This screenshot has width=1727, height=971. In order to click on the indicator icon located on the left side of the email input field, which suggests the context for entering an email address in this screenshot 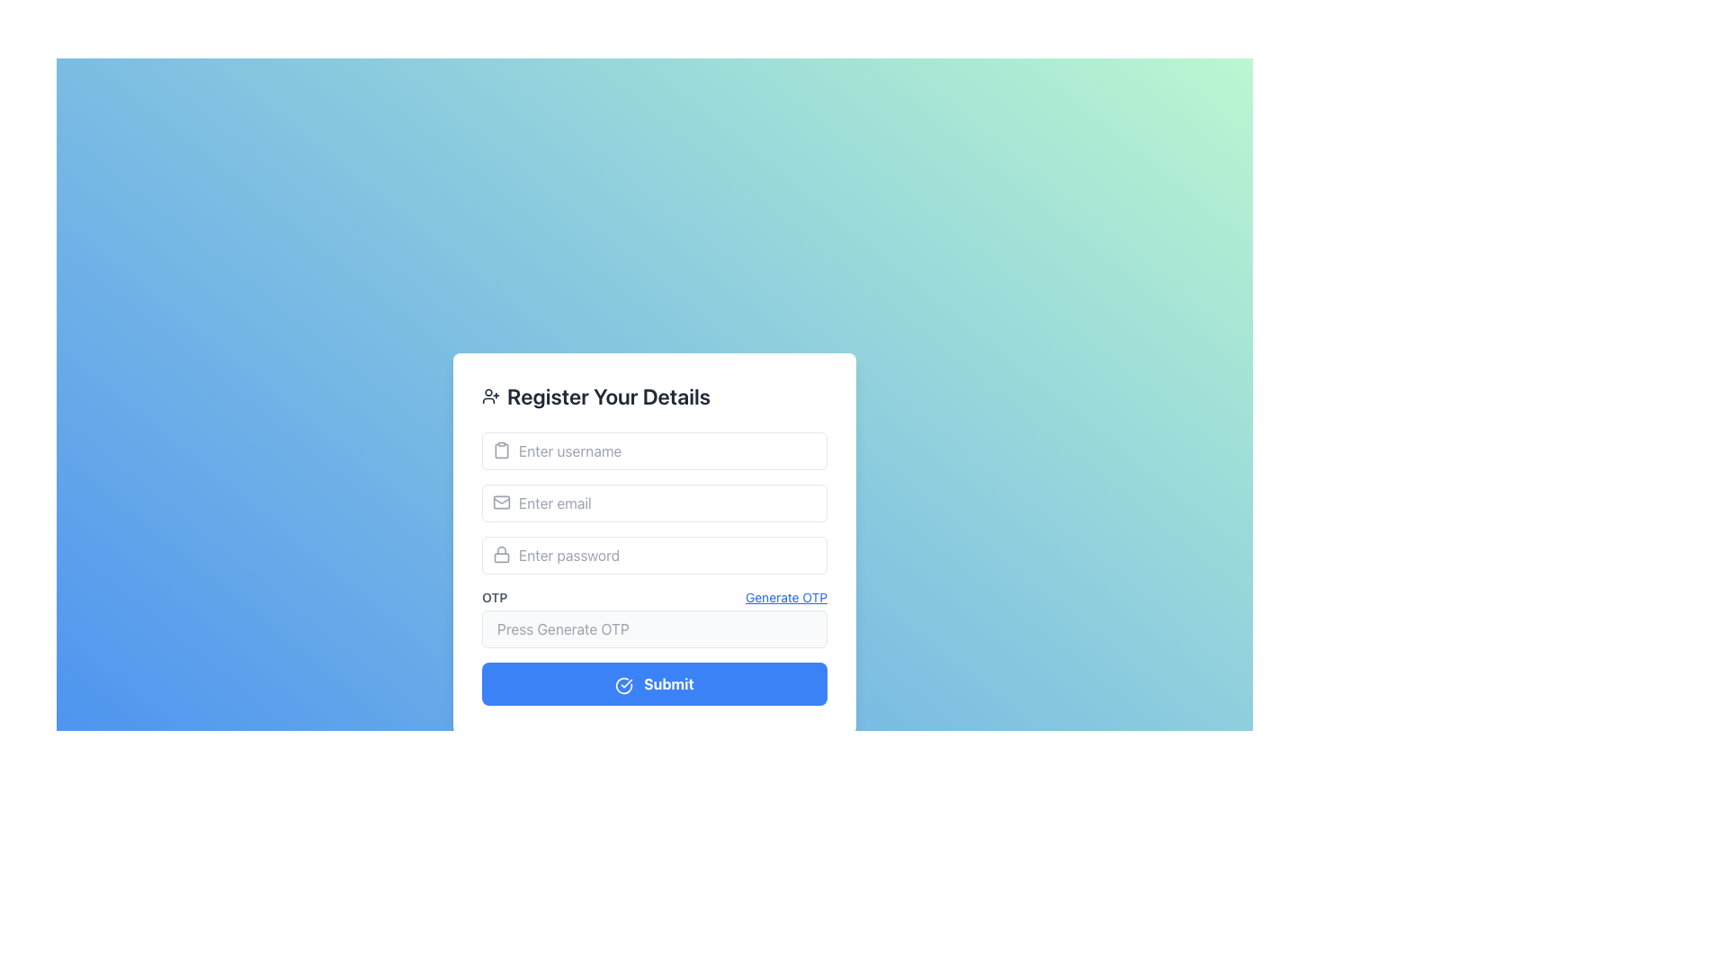, I will do `click(501, 503)`.